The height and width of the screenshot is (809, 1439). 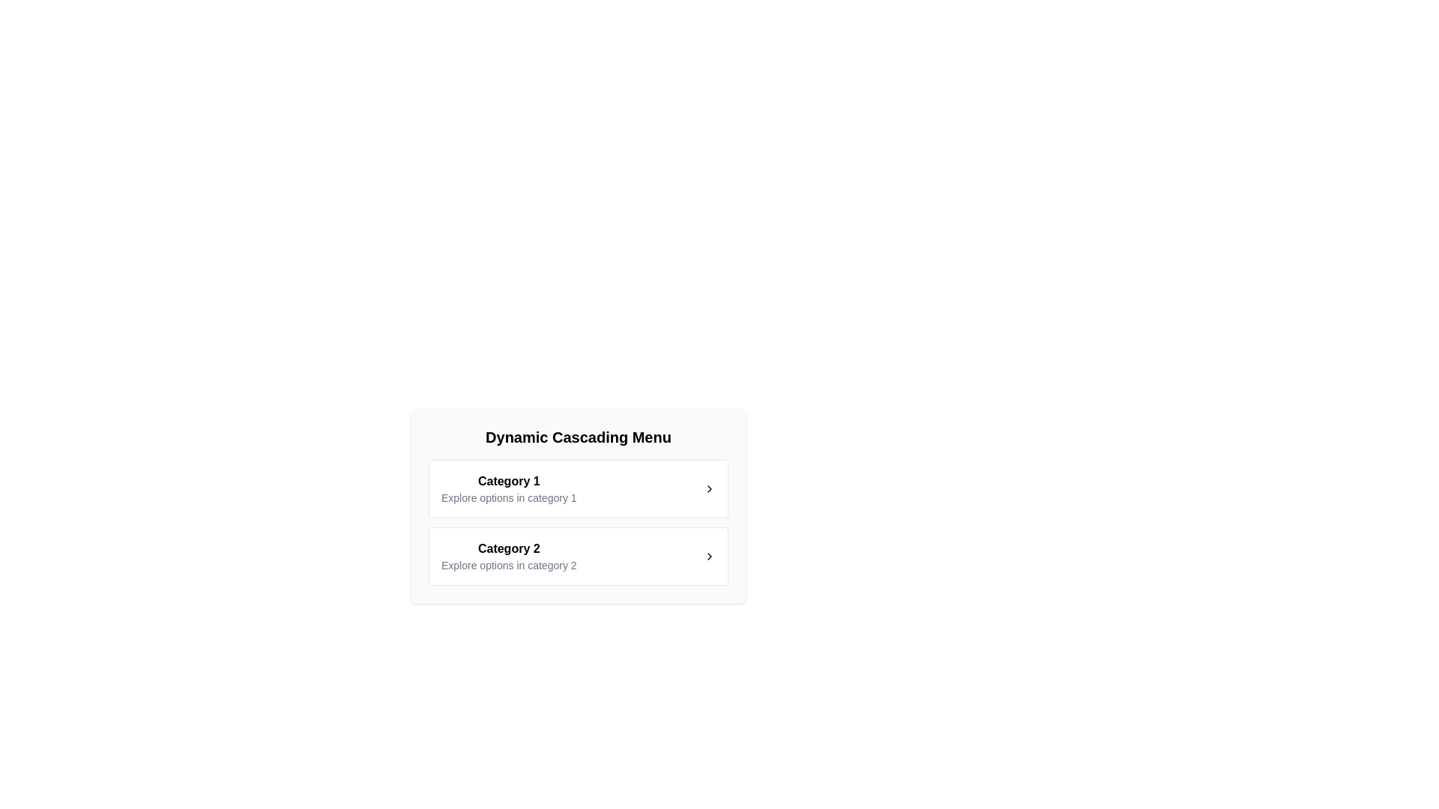 What do you see at coordinates (509, 566) in the screenshot?
I see `the text label that reads 'Explore options in category 2', which is styled in small gray font and located directly below 'Category 2' in the second category section of the dynamic cascading menu` at bounding box center [509, 566].